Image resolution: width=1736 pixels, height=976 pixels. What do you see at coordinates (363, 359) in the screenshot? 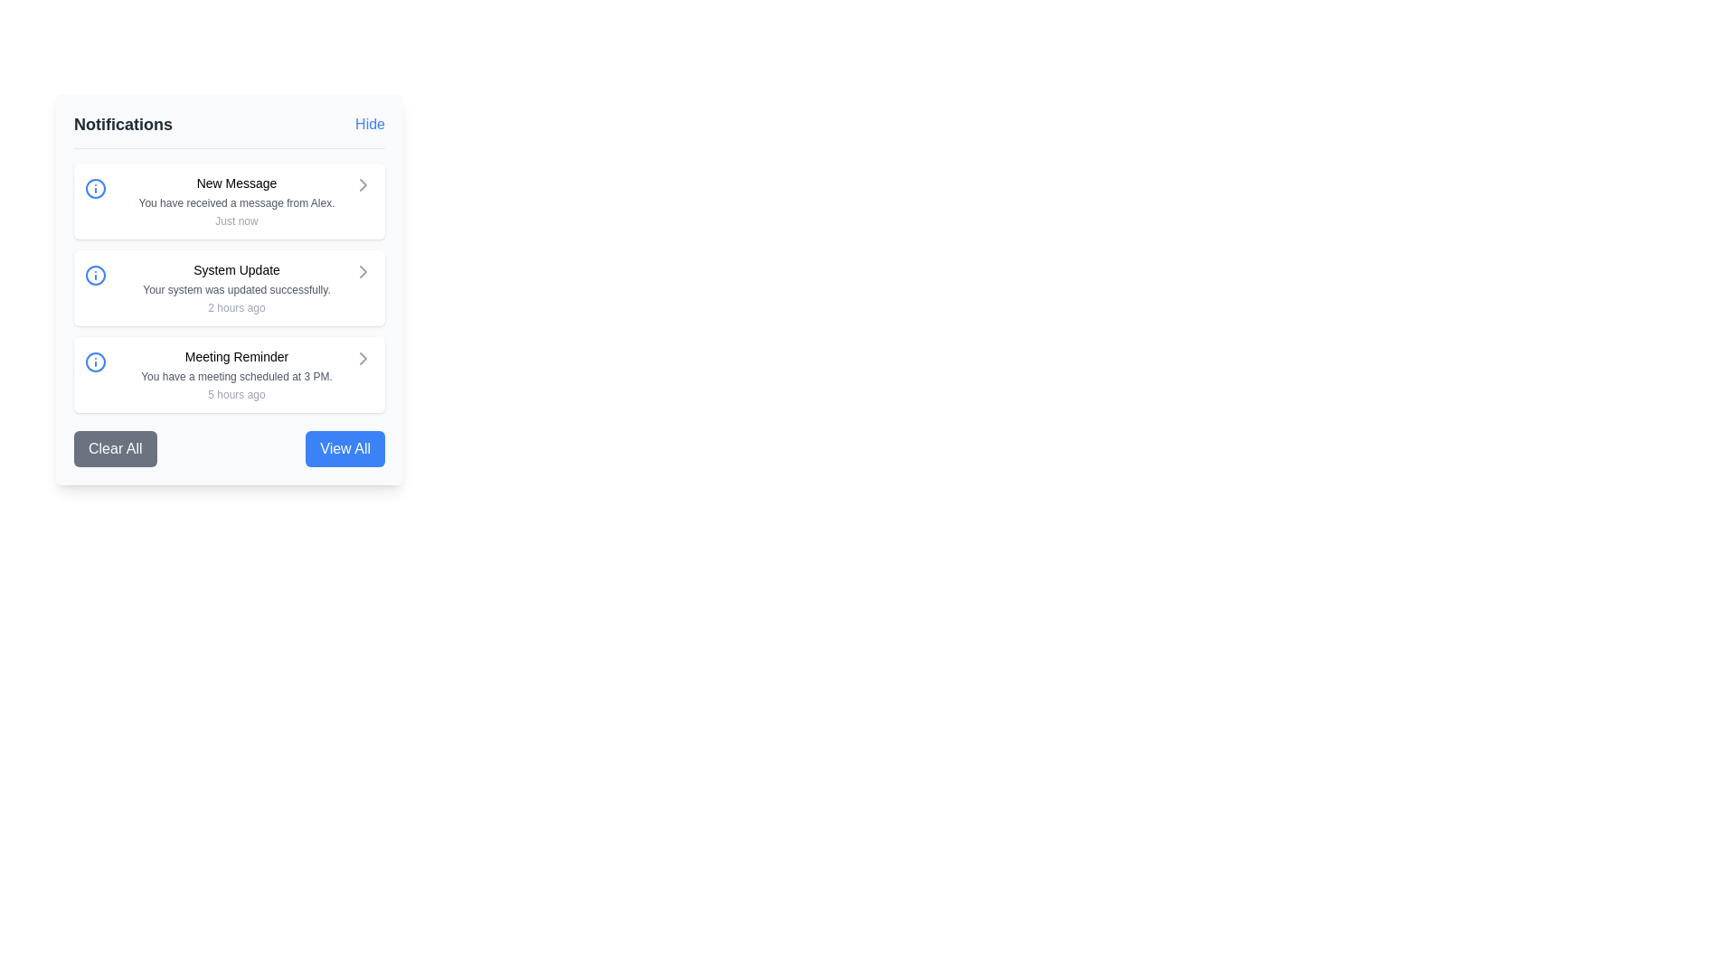
I see `the right-chevron icon button adjacent to the 'Meeting Reminder' notification to potentially display a tooltip` at bounding box center [363, 359].